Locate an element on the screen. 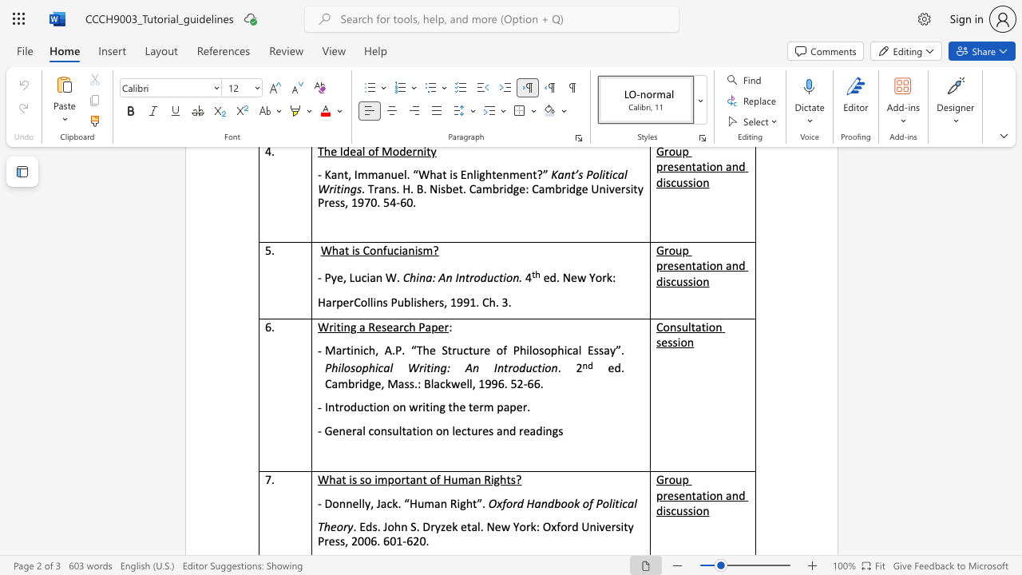 Image resolution: width=1022 pixels, height=575 pixels. the subset text "es and readin" within the text "- General consultation on lectures and readings" is located at coordinates (481, 431).